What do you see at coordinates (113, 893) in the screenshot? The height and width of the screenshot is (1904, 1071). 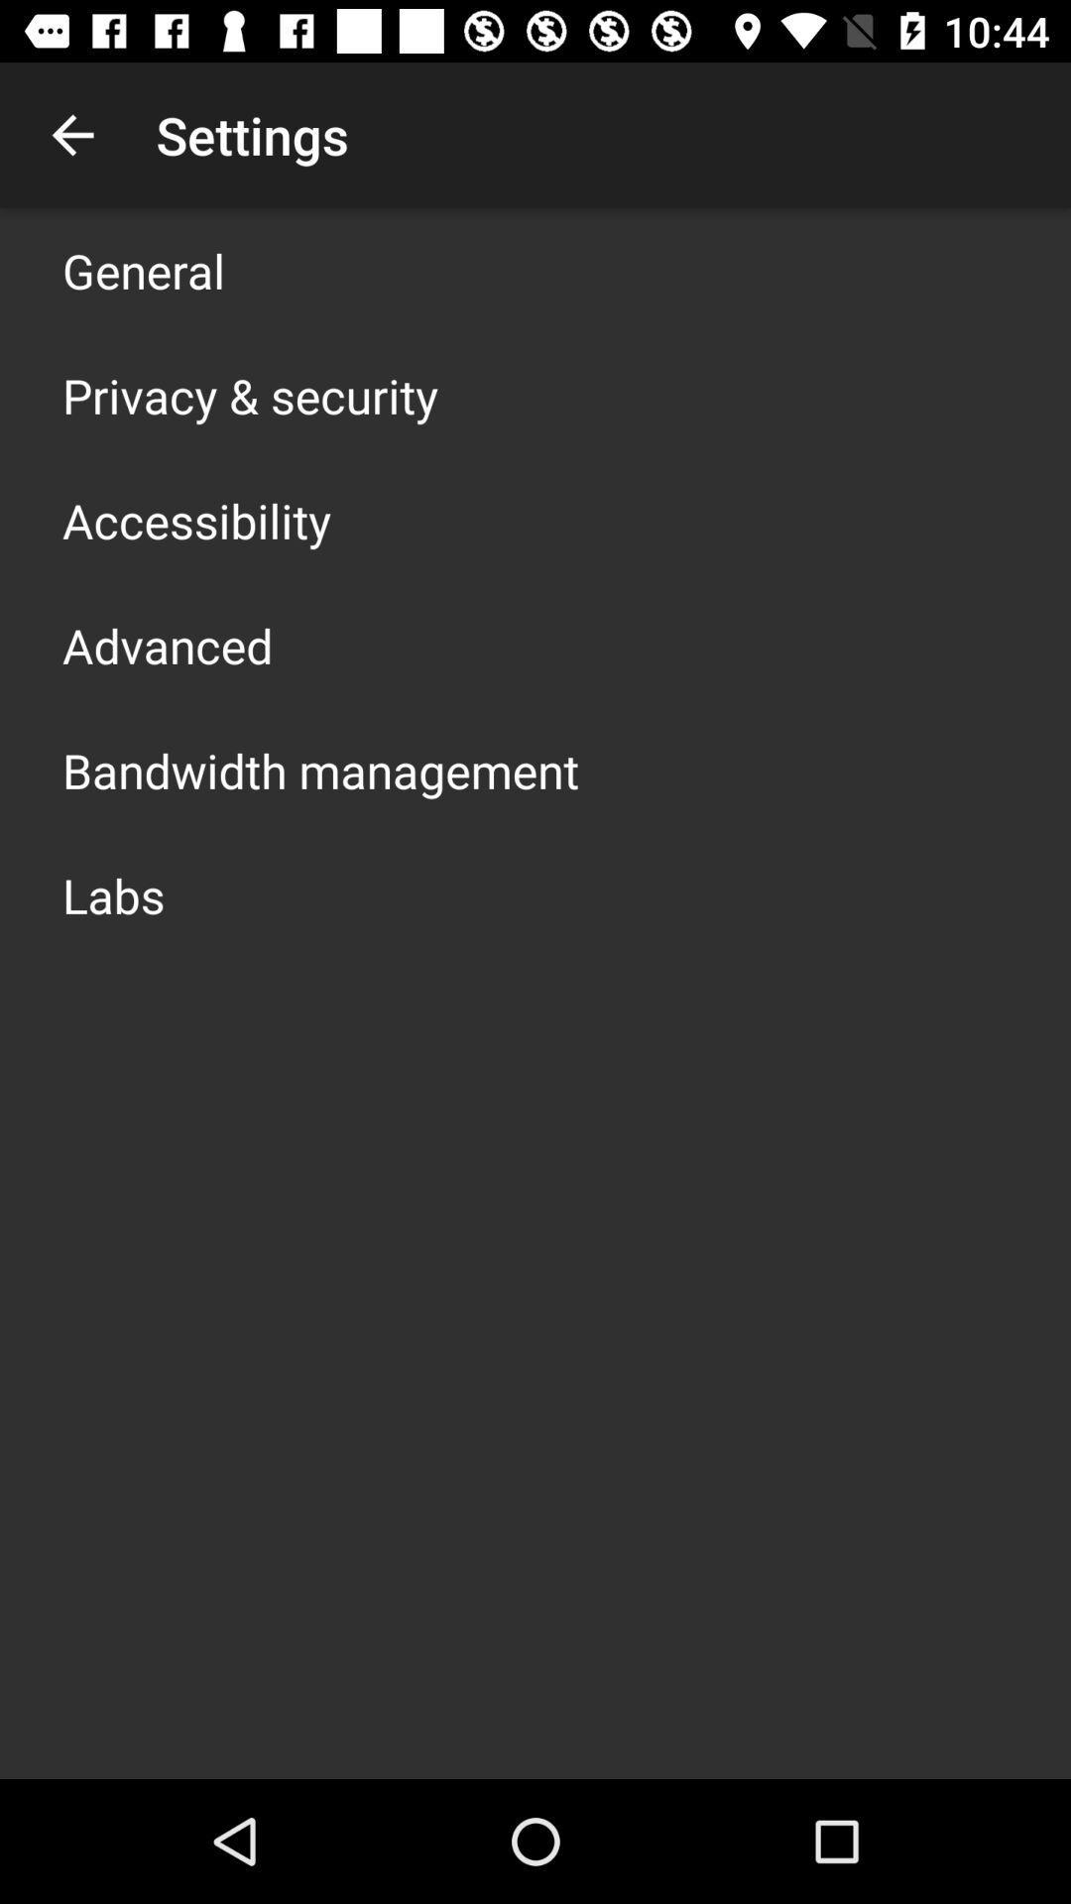 I see `labs icon` at bounding box center [113, 893].